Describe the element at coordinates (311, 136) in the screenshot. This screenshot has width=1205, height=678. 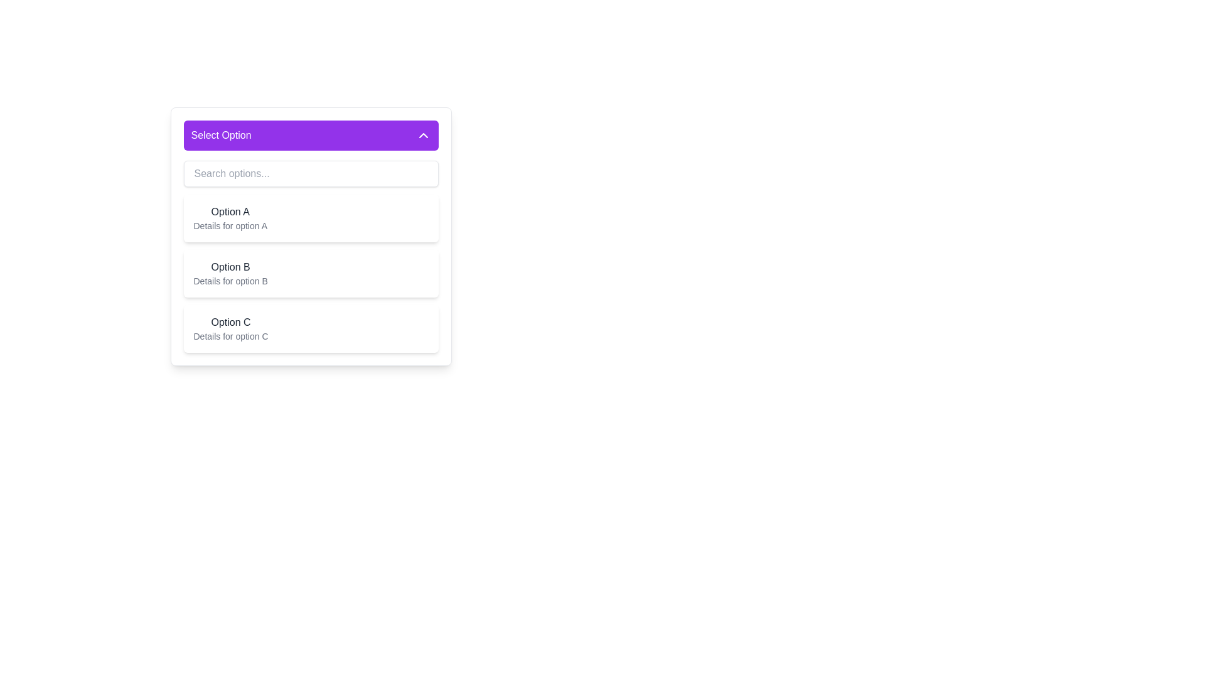
I see `the dropdown menu toggle button located at the top of the card-like area` at that location.